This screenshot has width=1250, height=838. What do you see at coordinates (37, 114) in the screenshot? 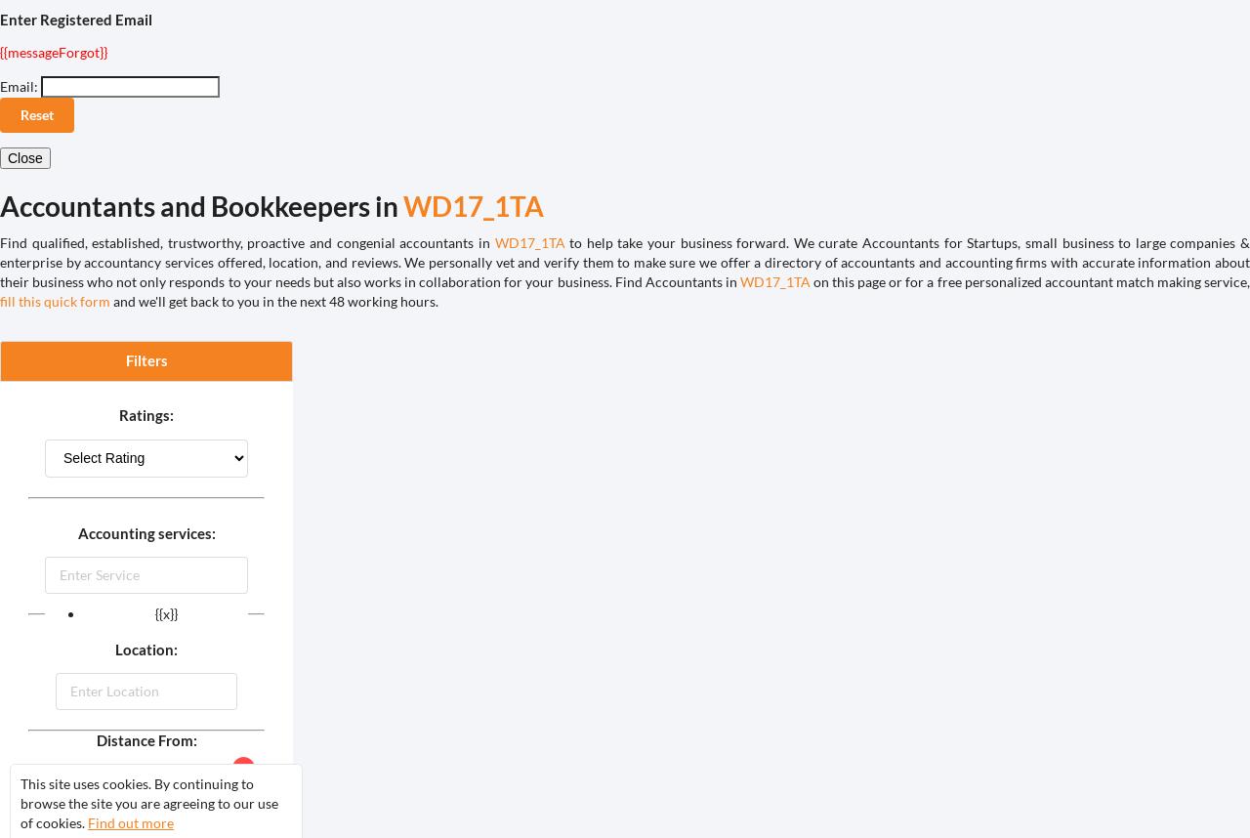
I see `'Reset'` at bounding box center [37, 114].